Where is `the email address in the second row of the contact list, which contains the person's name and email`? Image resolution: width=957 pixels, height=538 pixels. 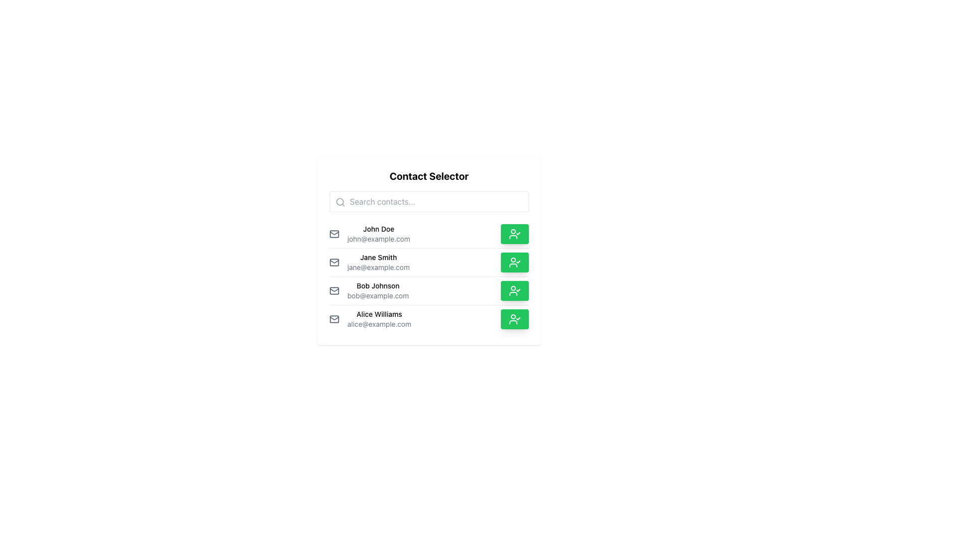 the email address in the second row of the contact list, which contains the person's name and email is located at coordinates (429, 261).